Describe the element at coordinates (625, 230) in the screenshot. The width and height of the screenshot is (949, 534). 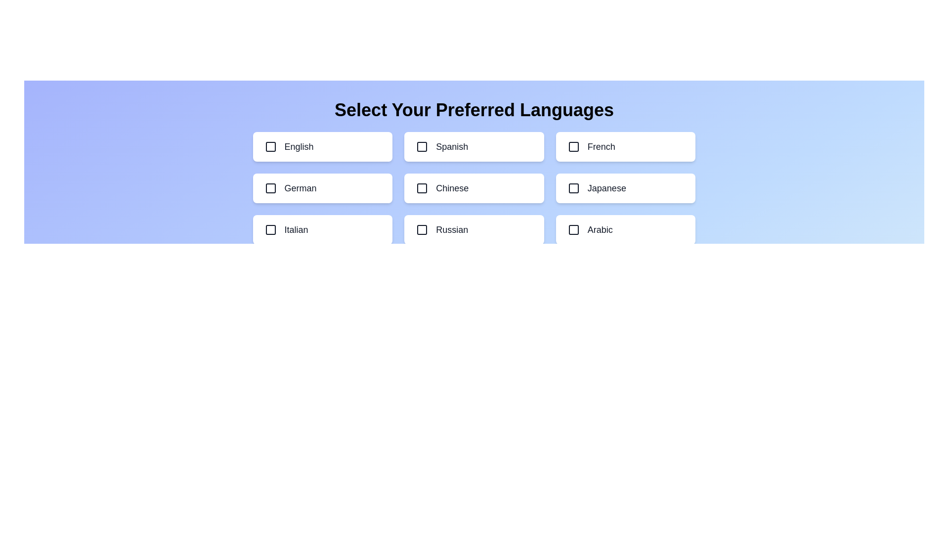
I see `the language option Arabic` at that location.